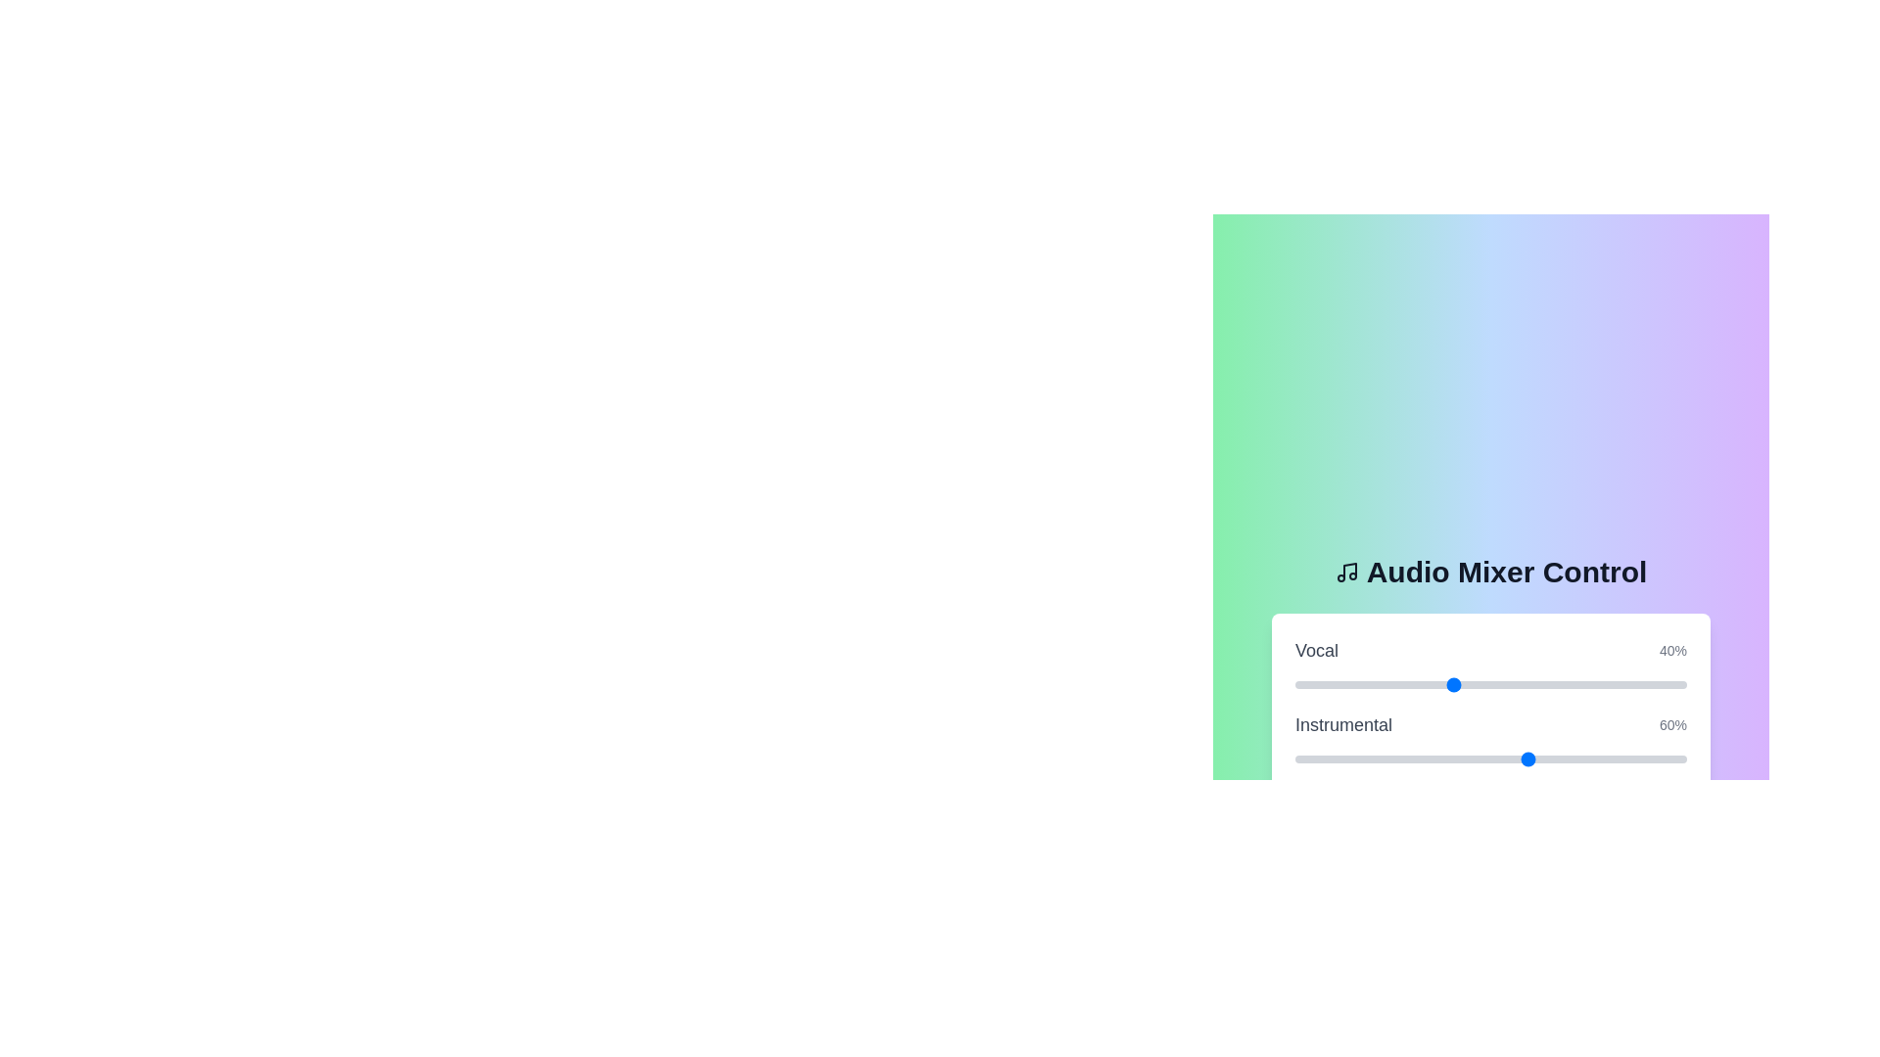 The image size is (1880, 1057). I want to click on the vocal slider to 47%, so click(1480, 683).